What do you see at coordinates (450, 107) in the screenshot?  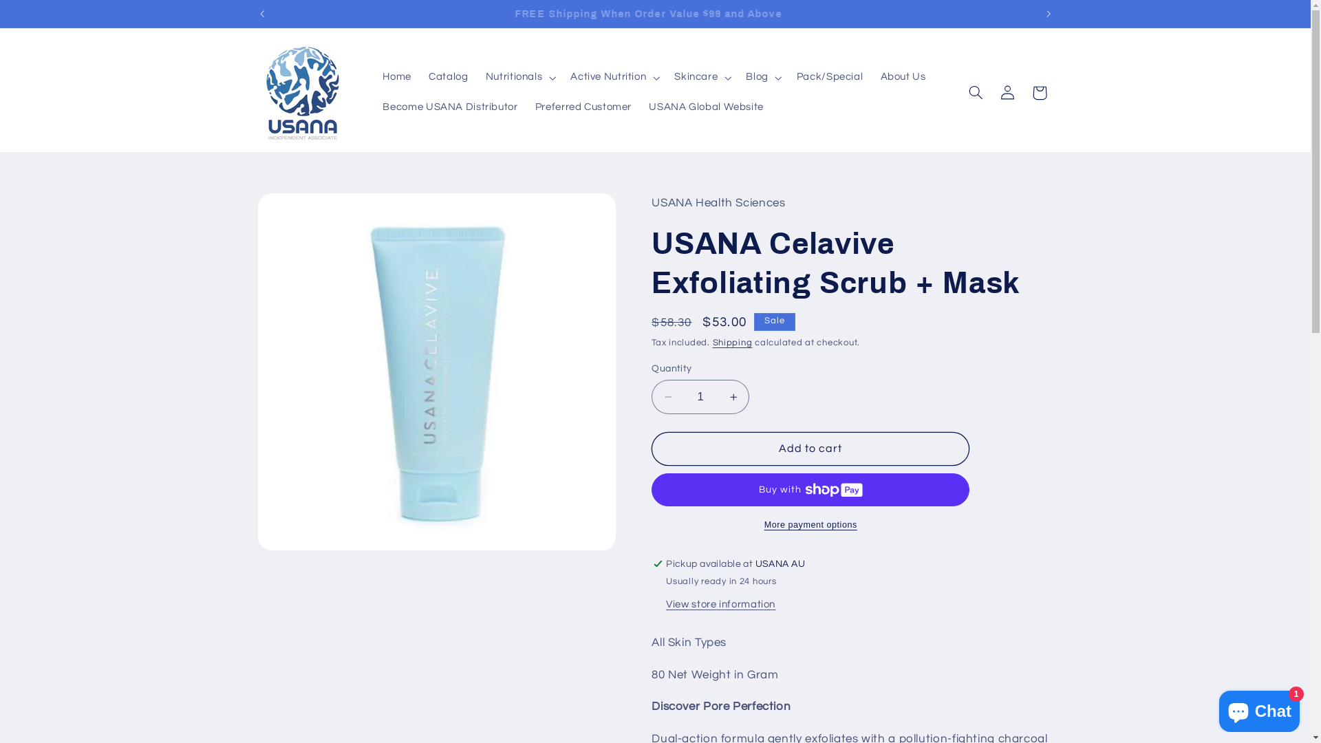 I see `'Become USANA Distributor'` at bounding box center [450, 107].